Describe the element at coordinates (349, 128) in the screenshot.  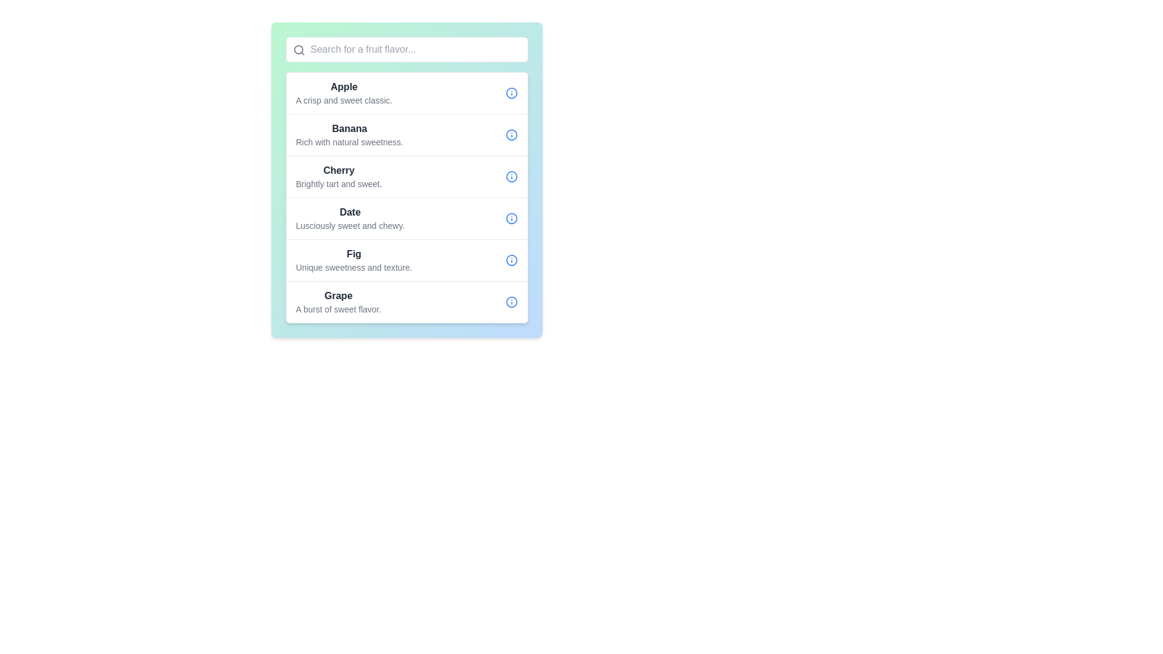
I see `the text element displaying 'Banana' in bold dark gray font, positioned in the second row of the list above the description 'Rich with natural sweetness.'` at that location.